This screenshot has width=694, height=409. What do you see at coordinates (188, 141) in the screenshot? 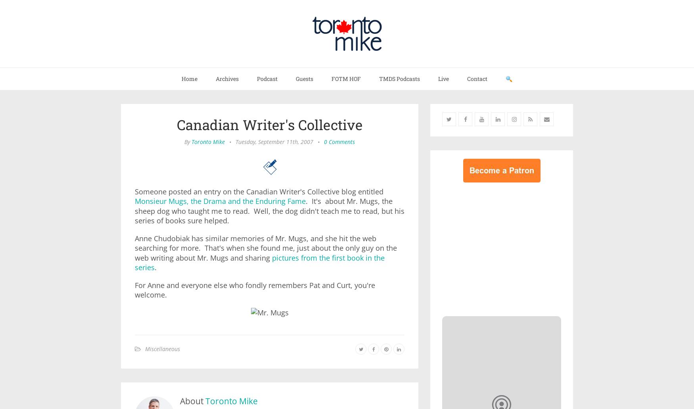
I see `'By'` at bounding box center [188, 141].